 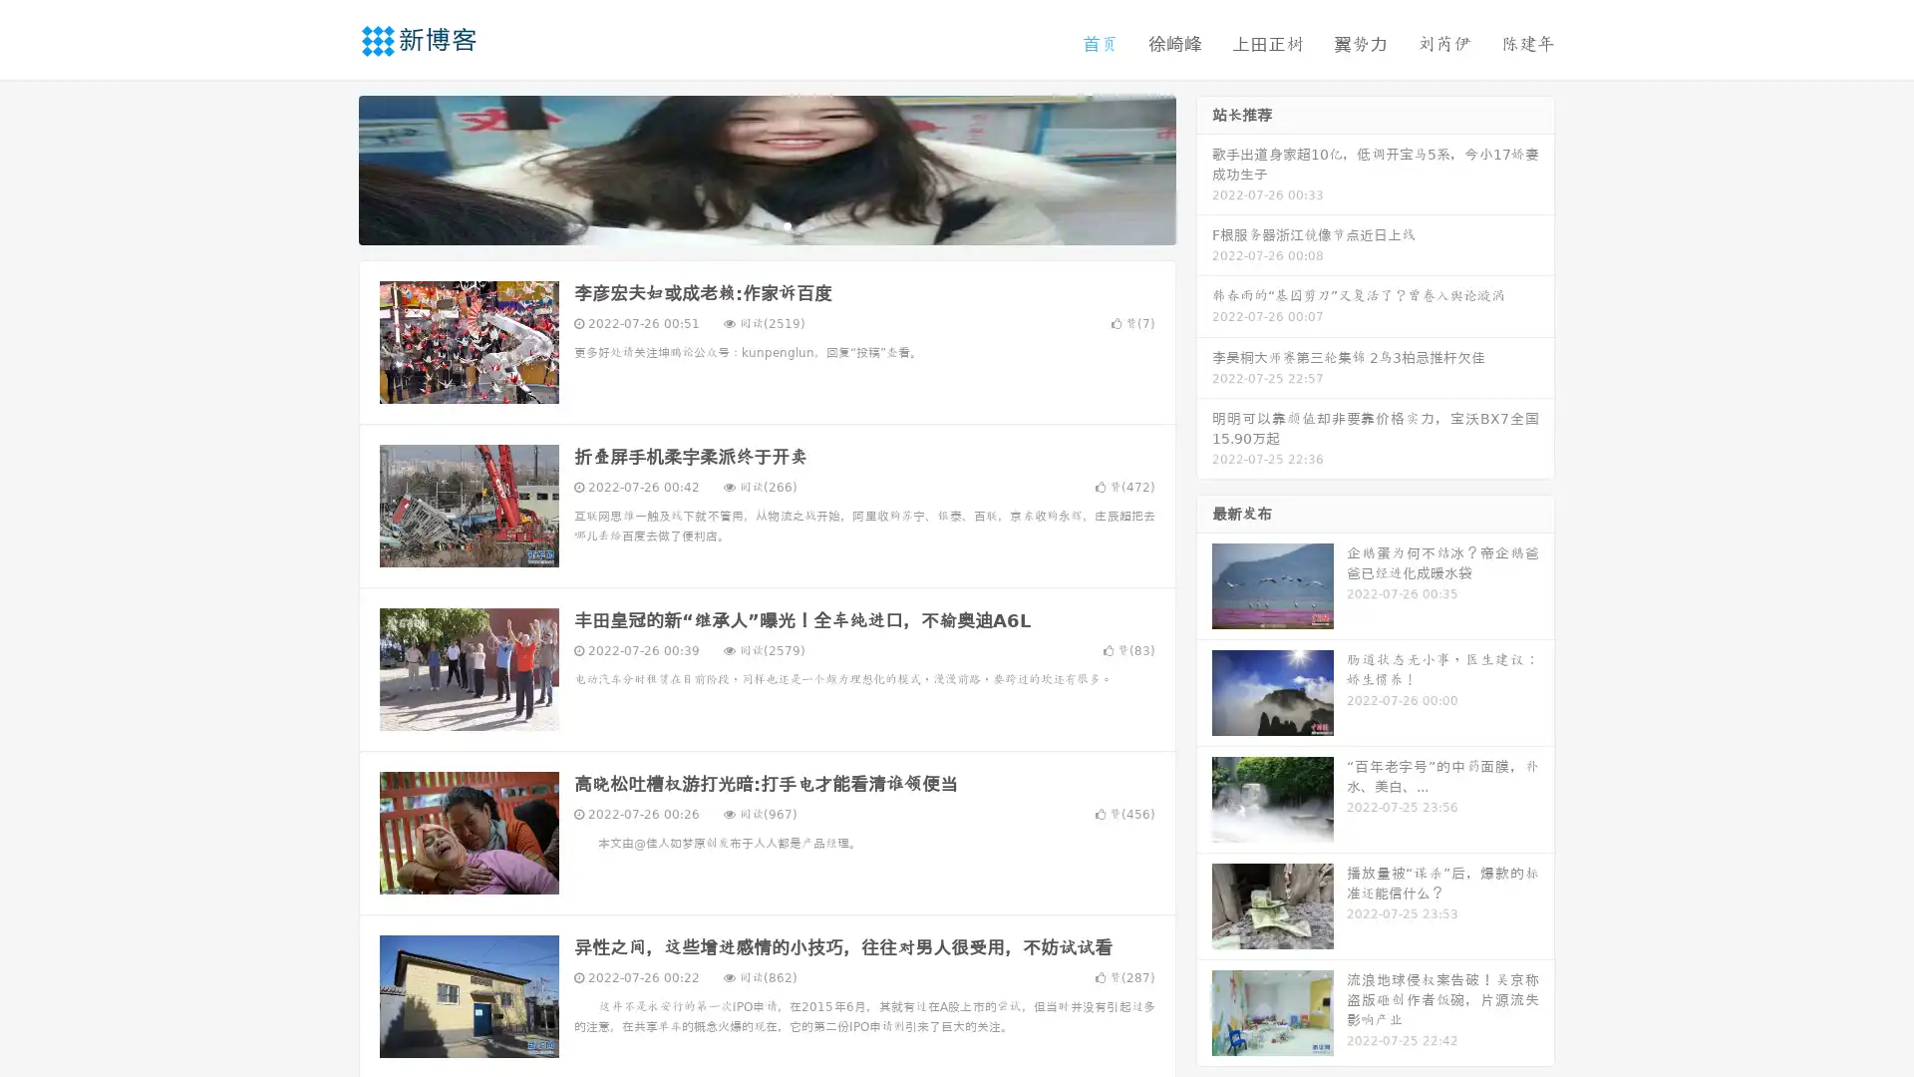 I want to click on Next slide, so click(x=1204, y=168).